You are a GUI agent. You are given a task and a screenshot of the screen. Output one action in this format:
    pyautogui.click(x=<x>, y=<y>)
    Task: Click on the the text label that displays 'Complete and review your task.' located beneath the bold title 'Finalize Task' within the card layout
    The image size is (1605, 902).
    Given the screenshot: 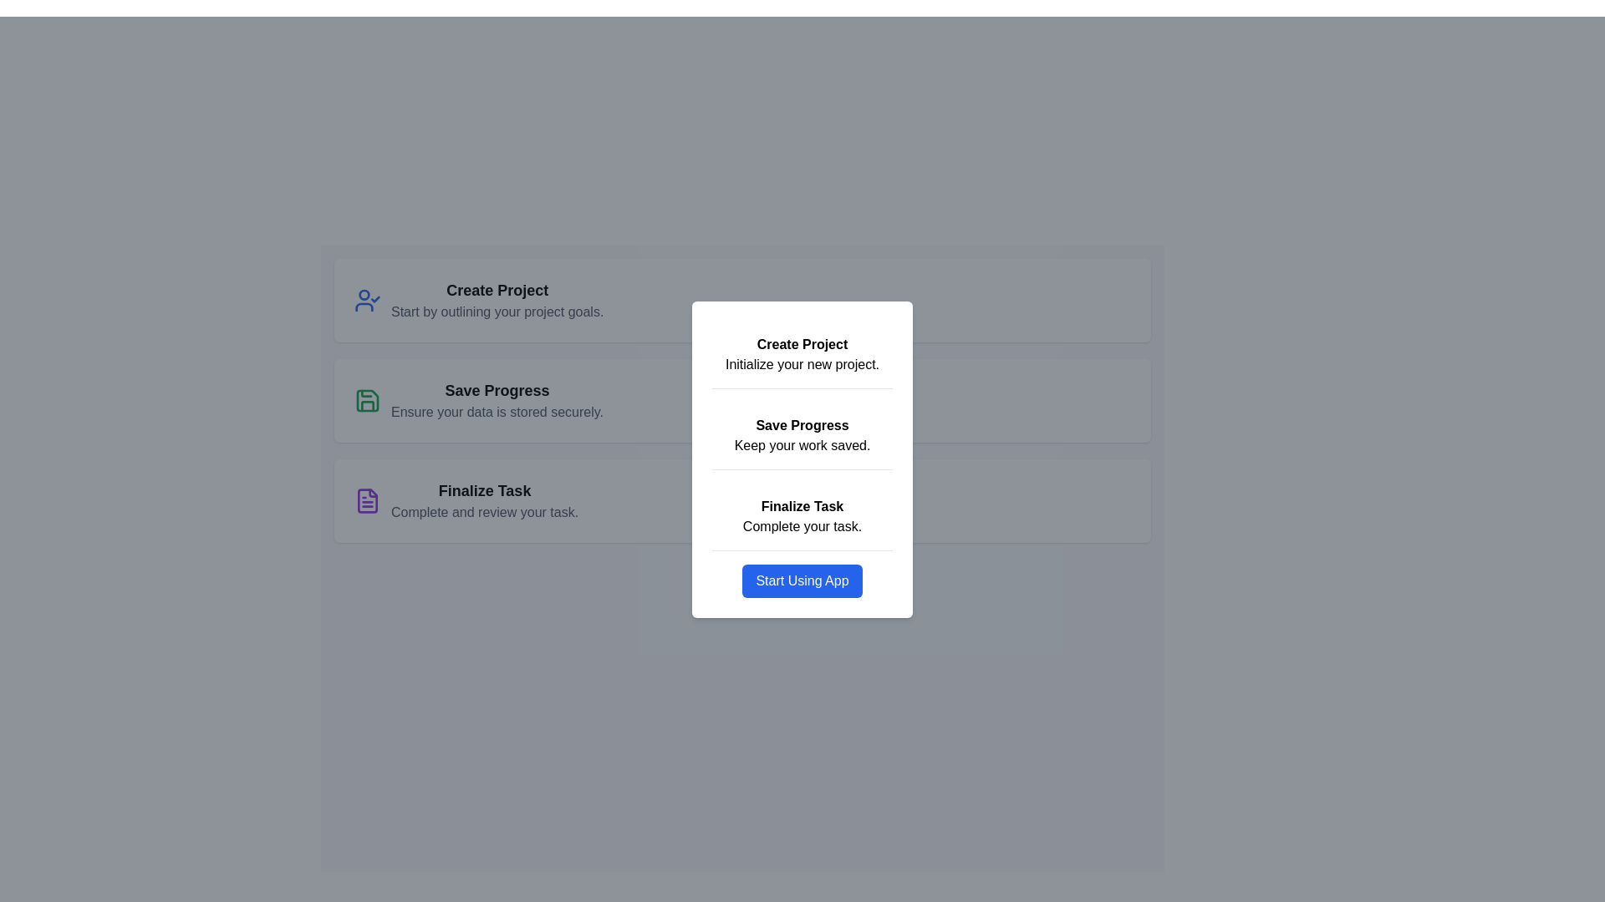 What is the action you would take?
    pyautogui.click(x=484, y=511)
    